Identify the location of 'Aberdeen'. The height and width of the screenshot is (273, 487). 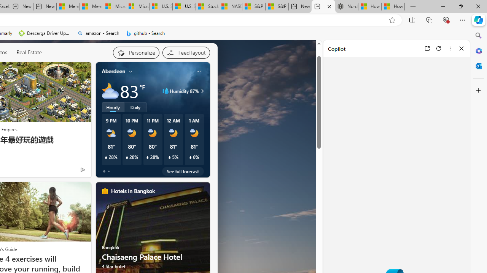
(113, 71).